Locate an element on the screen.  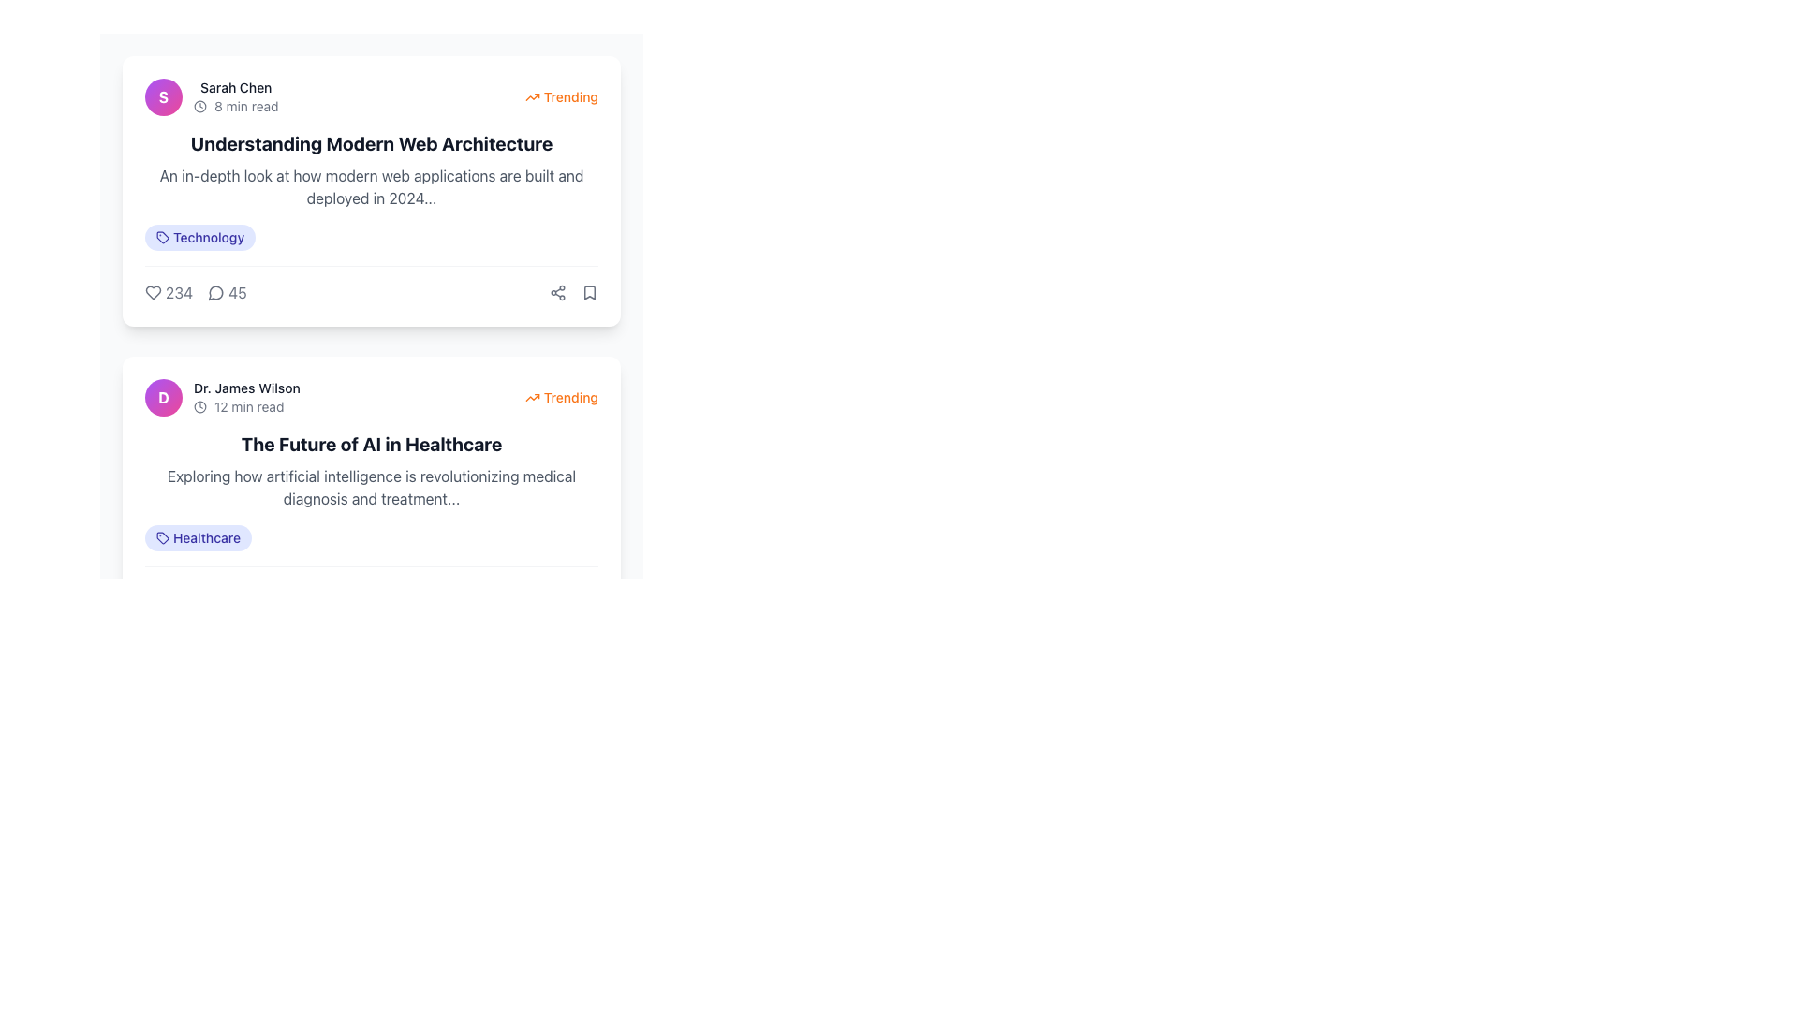
the informational label with the clock icon and the text '12 min read' located below 'Dr. James Wilson' to interact with it in case it becomes clickable in the future is located at coordinates (245, 406).